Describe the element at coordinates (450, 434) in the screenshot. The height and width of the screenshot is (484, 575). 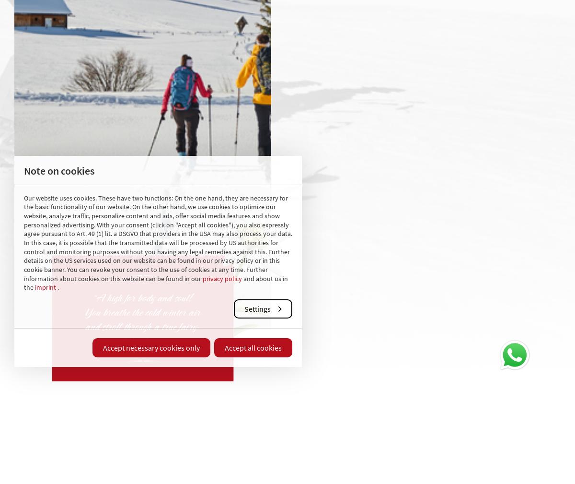
I see `'Arrival'` at that location.